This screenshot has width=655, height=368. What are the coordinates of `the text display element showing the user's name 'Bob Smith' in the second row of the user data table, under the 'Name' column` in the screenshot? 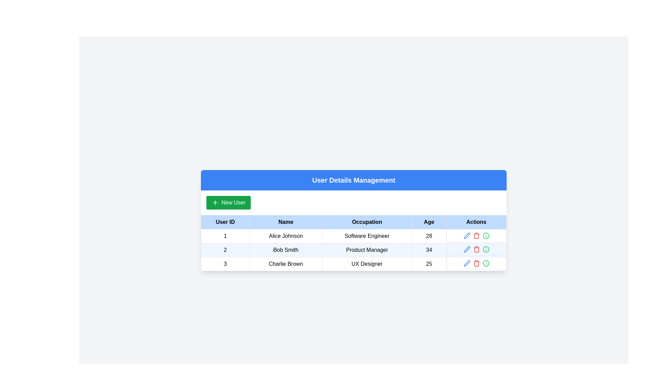 It's located at (286, 250).